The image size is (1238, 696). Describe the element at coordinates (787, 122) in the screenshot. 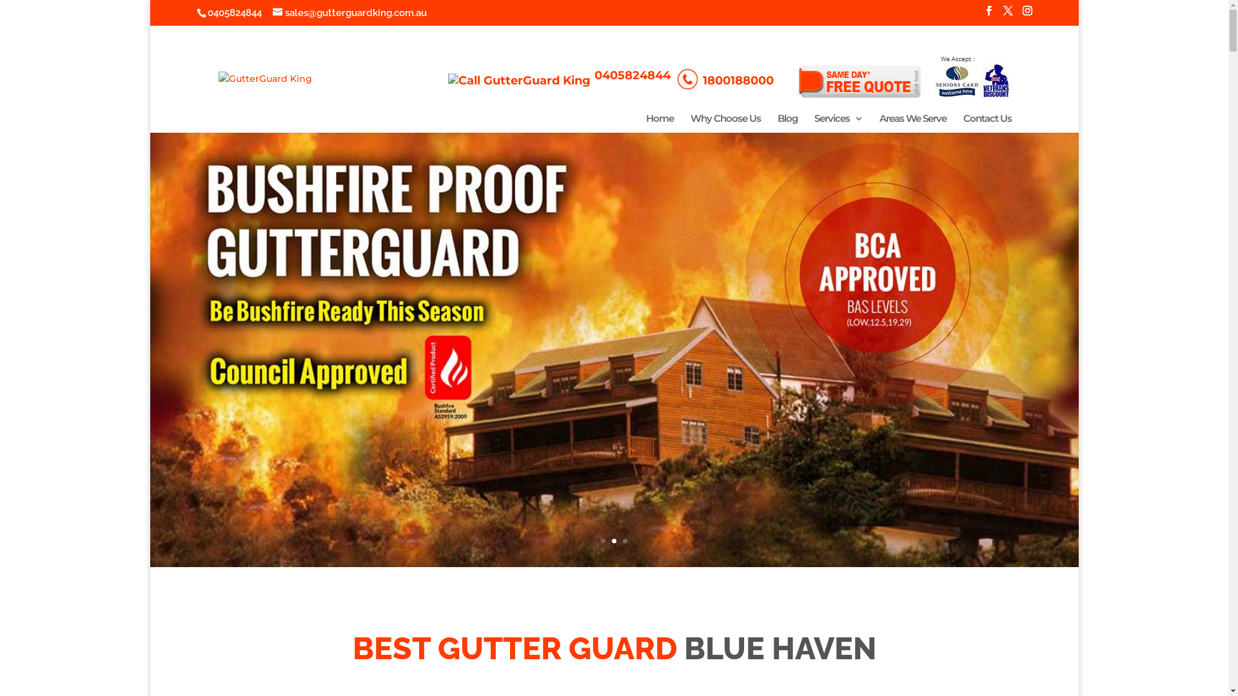

I see `'Blog'` at that location.